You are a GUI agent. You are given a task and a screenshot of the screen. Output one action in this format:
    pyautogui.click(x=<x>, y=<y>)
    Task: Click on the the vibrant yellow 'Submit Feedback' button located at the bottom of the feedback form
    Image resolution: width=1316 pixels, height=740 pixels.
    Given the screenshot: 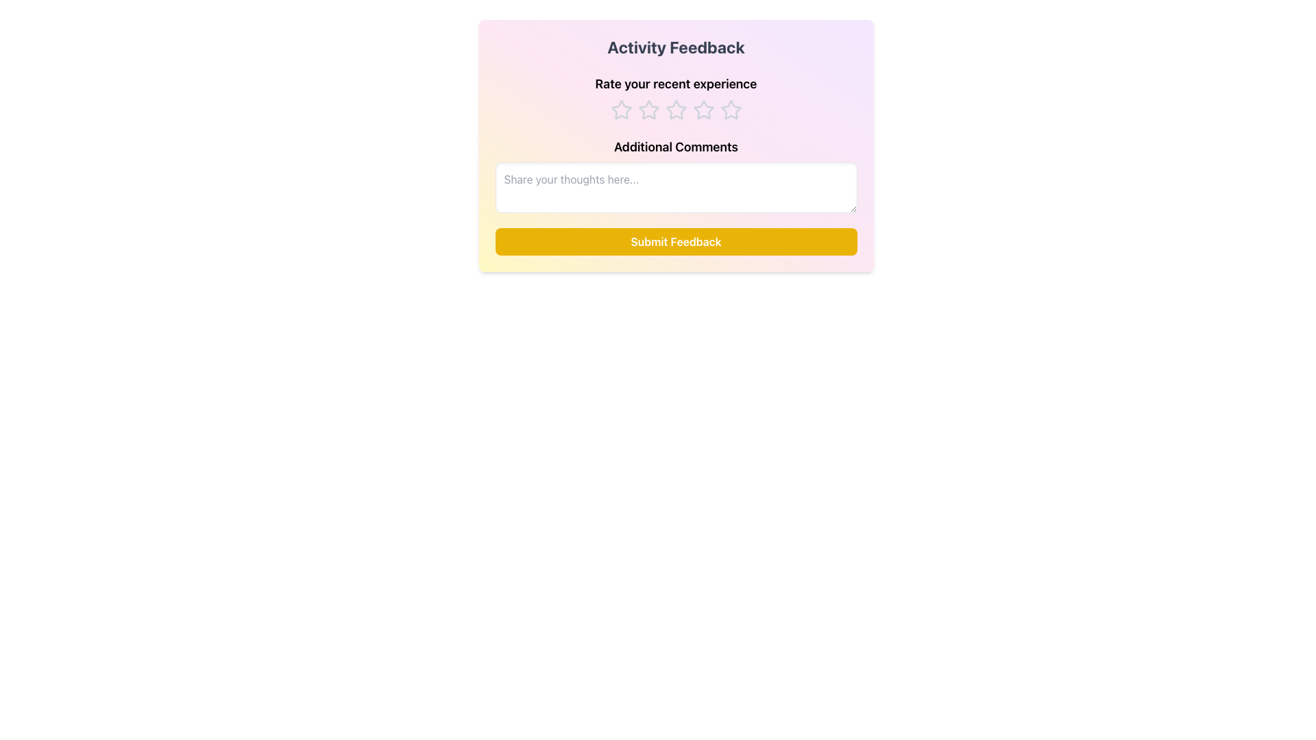 What is the action you would take?
    pyautogui.click(x=676, y=241)
    